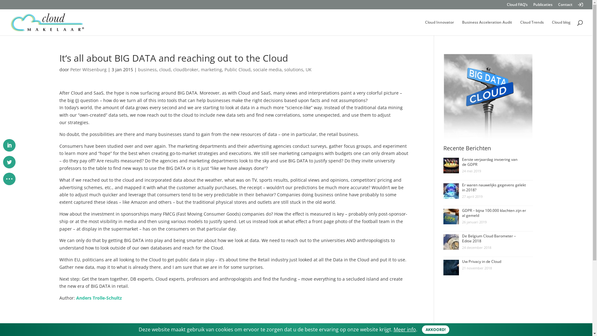  What do you see at coordinates (253, 69) in the screenshot?
I see `'sociale media'` at bounding box center [253, 69].